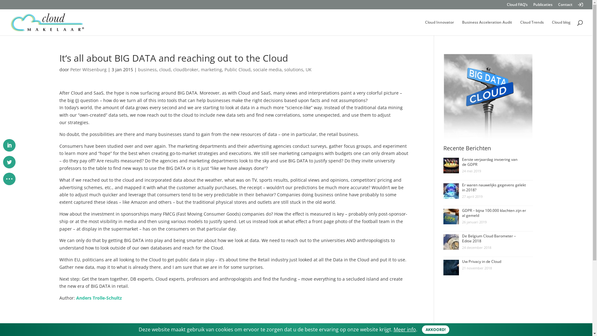  What do you see at coordinates (253, 69) in the screenshot?
I see `'sociale media'` at bounding box center [253, 69].